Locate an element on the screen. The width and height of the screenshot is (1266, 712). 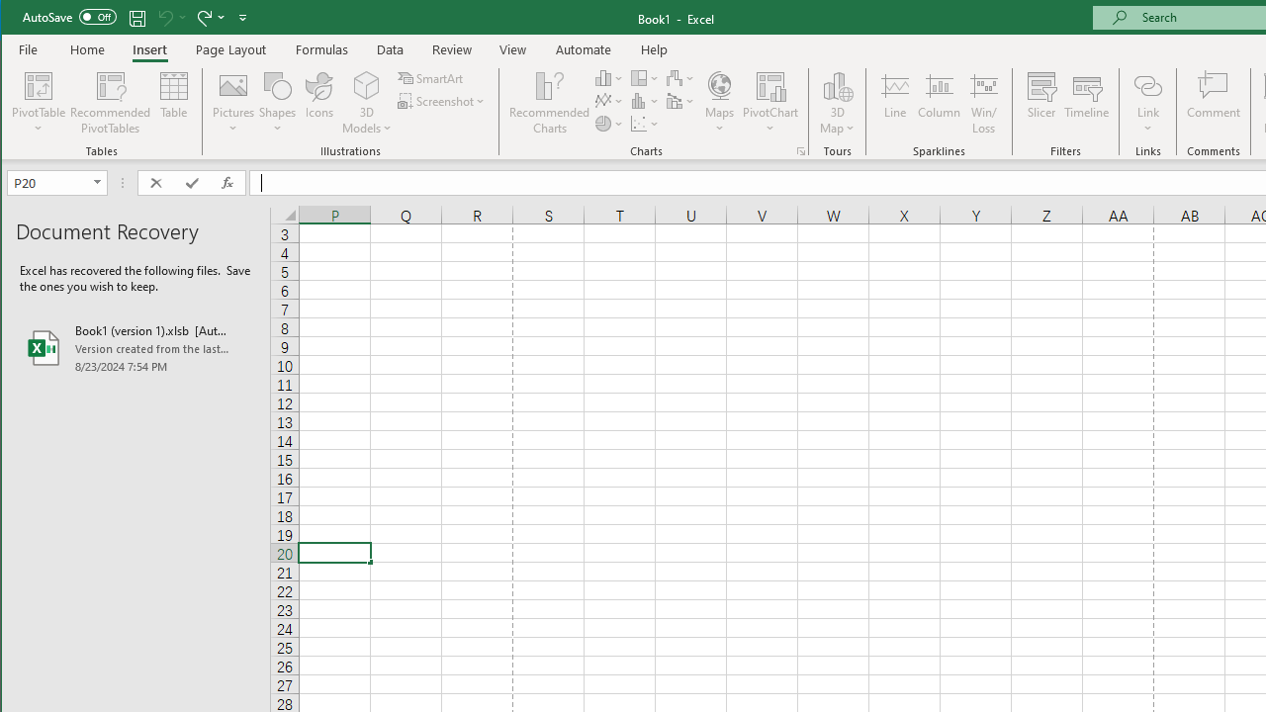
'Insert Waterfall, Funnel, Stock, Surface, or Radar Chart' is located at coordinates (680, 77).